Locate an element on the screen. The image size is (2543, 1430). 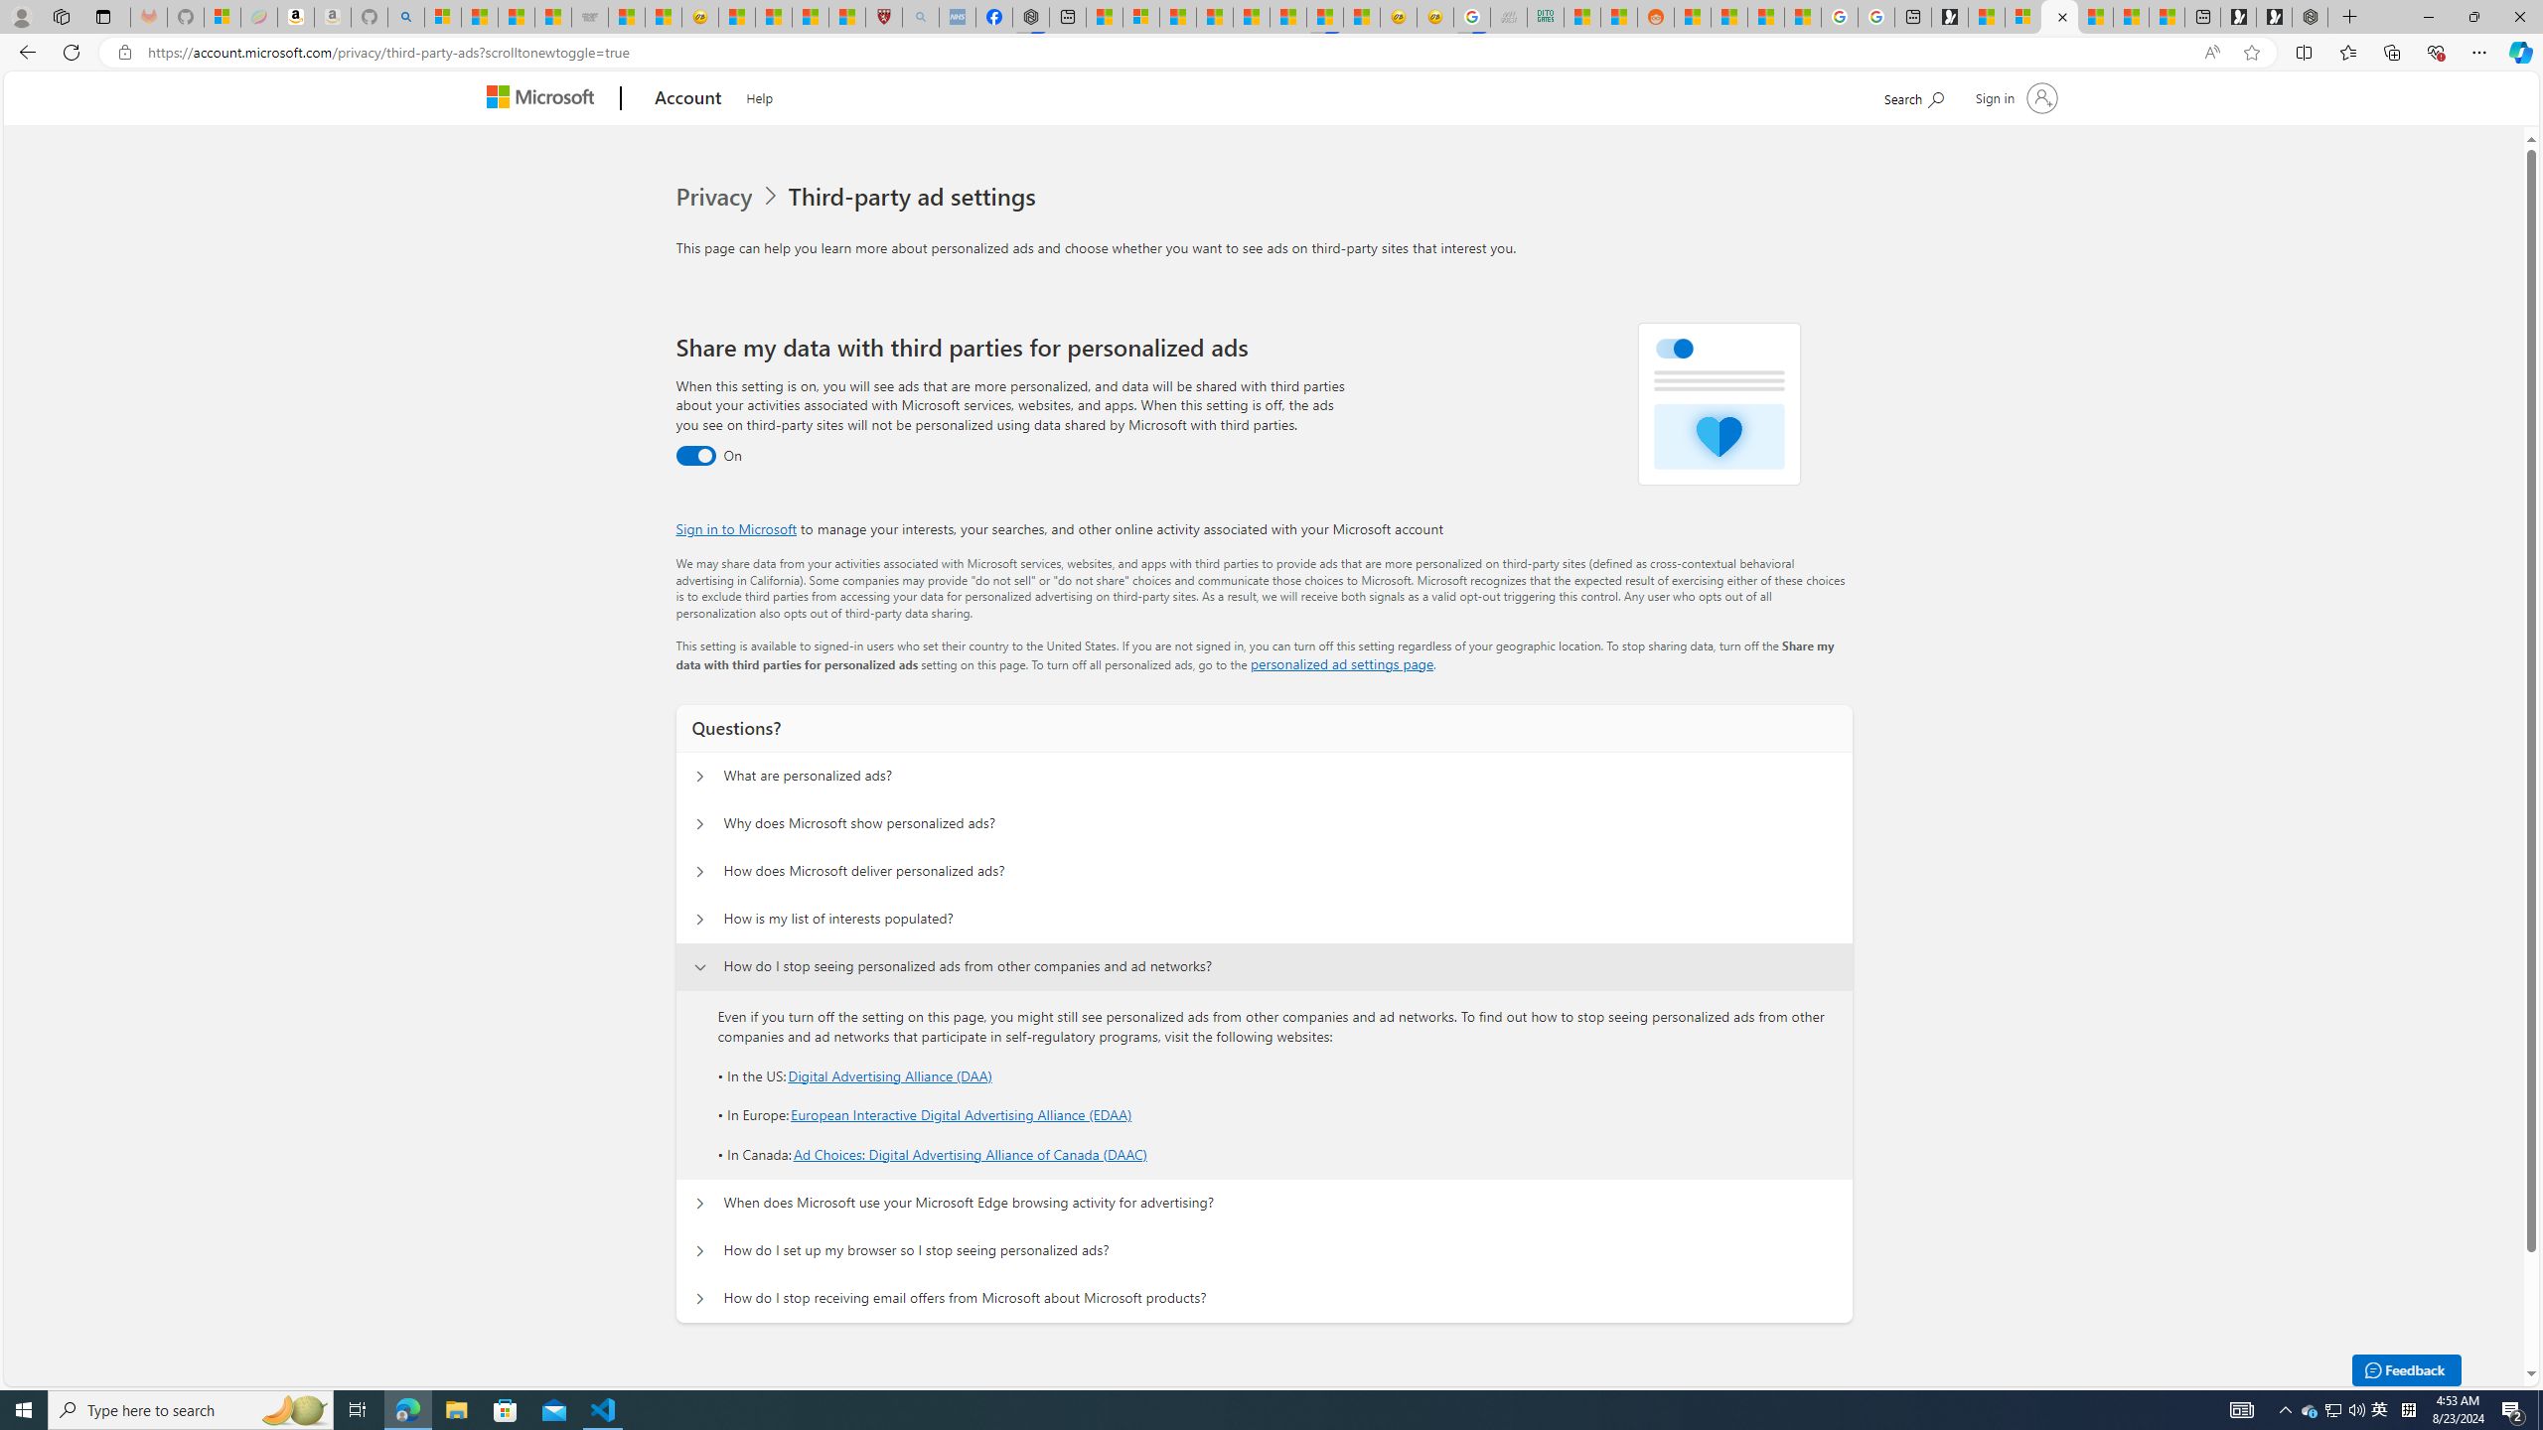
'personalized ad settings page' is located at coordinates (1340, 662).